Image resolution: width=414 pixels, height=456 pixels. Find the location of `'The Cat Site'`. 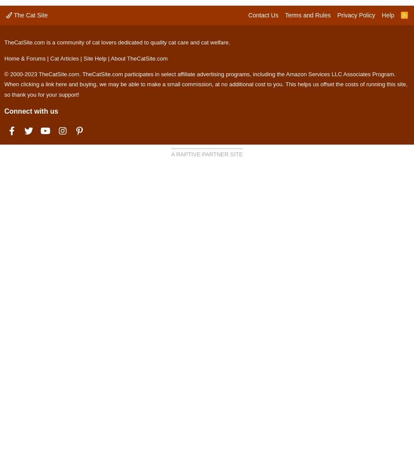

'The Cat Site' is located at coordinates (30, 14).